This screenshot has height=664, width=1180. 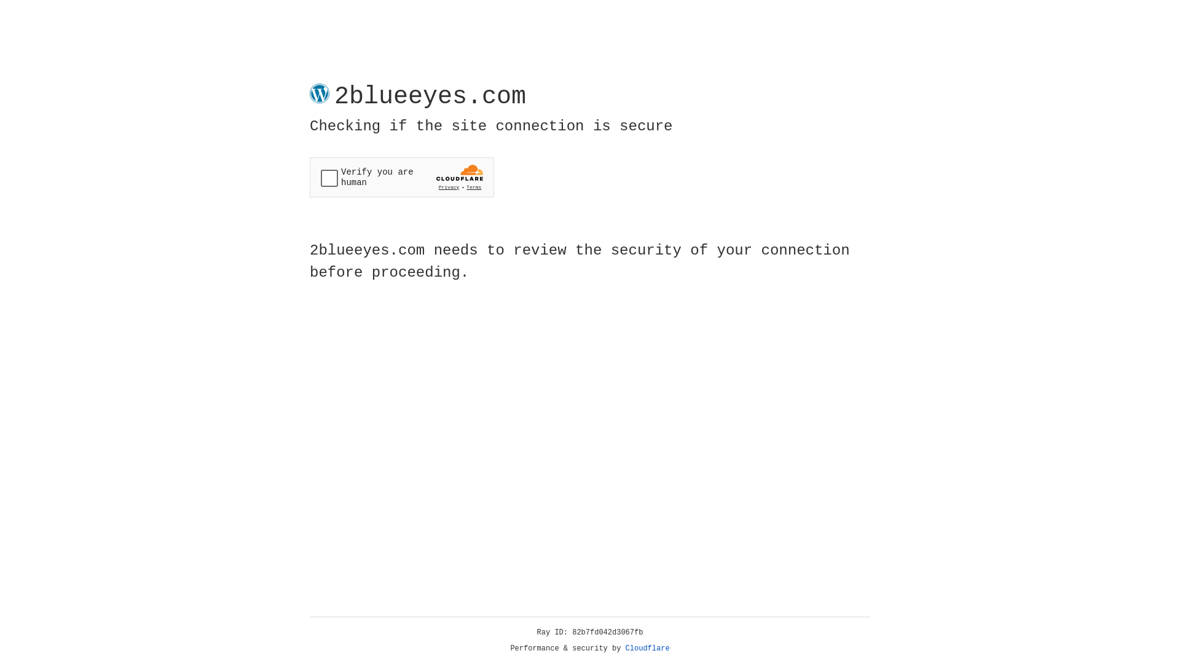 I want to click on 'Cloudflare', so click(x=625, y=648).